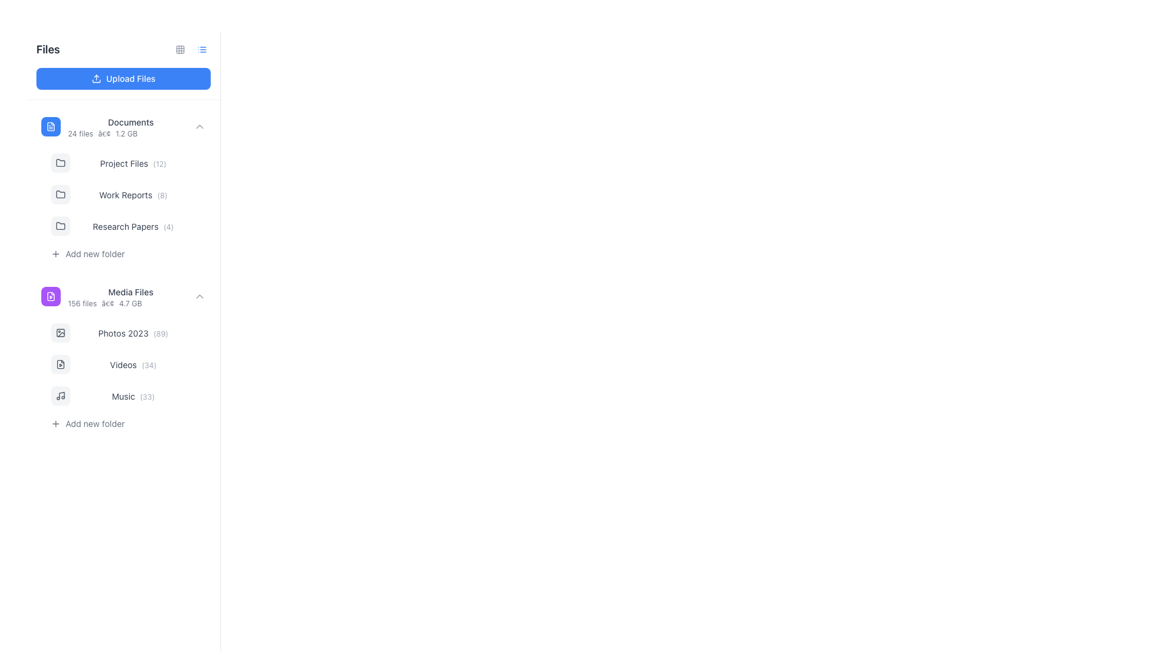  Describe the element at coordinates (131, 303) in the screenshot. I see `the text label displaying '4.7 GB', located under the 'Media Files' section, which is the third segment in a horizontal group of texts` at that location.